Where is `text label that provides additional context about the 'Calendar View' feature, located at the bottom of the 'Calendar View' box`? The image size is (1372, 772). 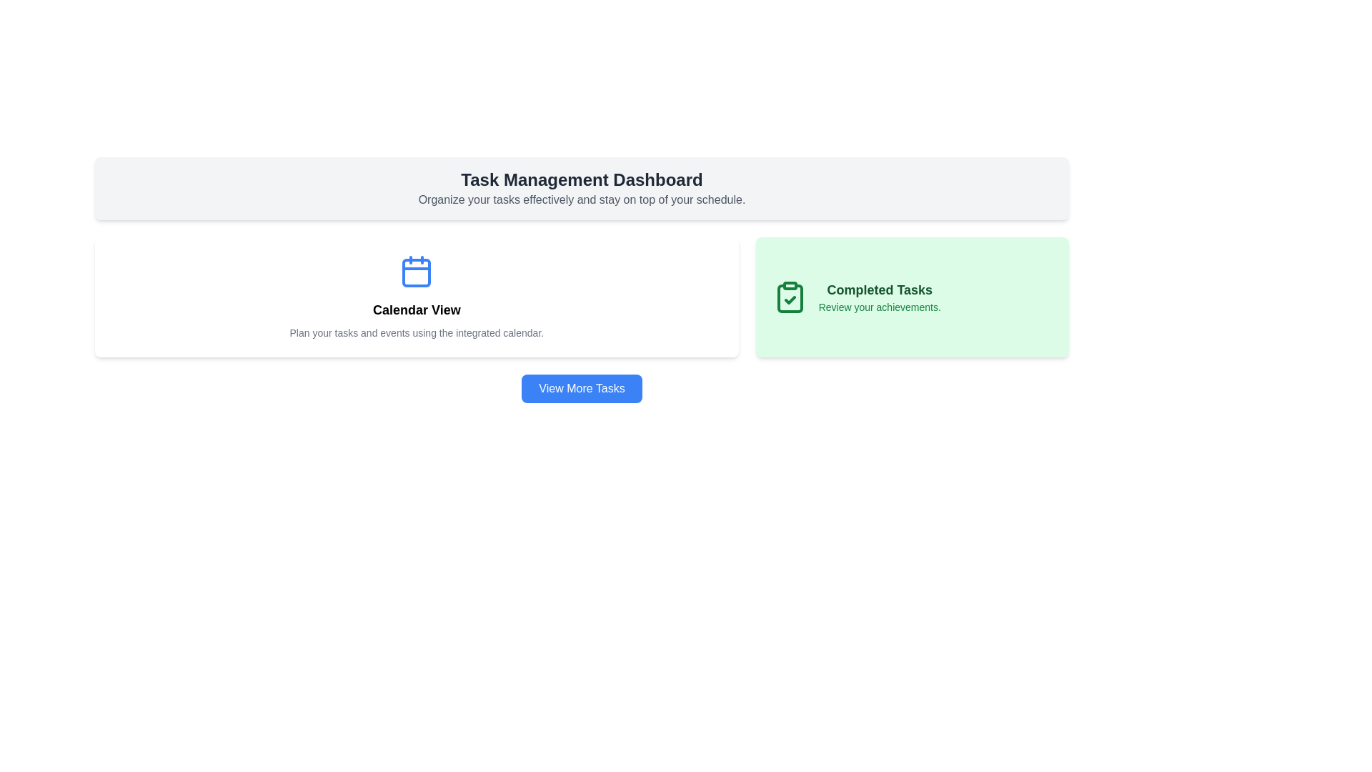 text label that provides additional context about the 'Calendar View' feature, located at the bottom of the 'Calendar View' box is located at coordinates (416, 333).